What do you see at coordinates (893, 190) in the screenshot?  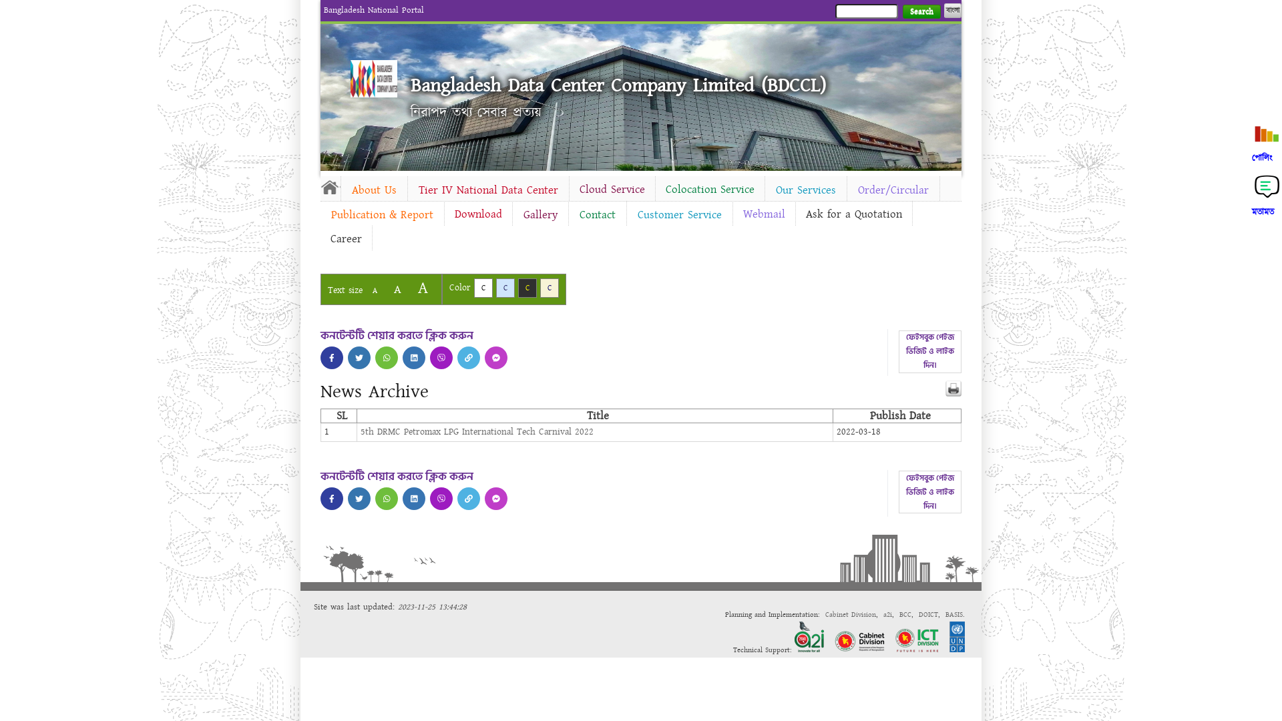 I see `'Order/Circular'` at bounding box center [893, 190].